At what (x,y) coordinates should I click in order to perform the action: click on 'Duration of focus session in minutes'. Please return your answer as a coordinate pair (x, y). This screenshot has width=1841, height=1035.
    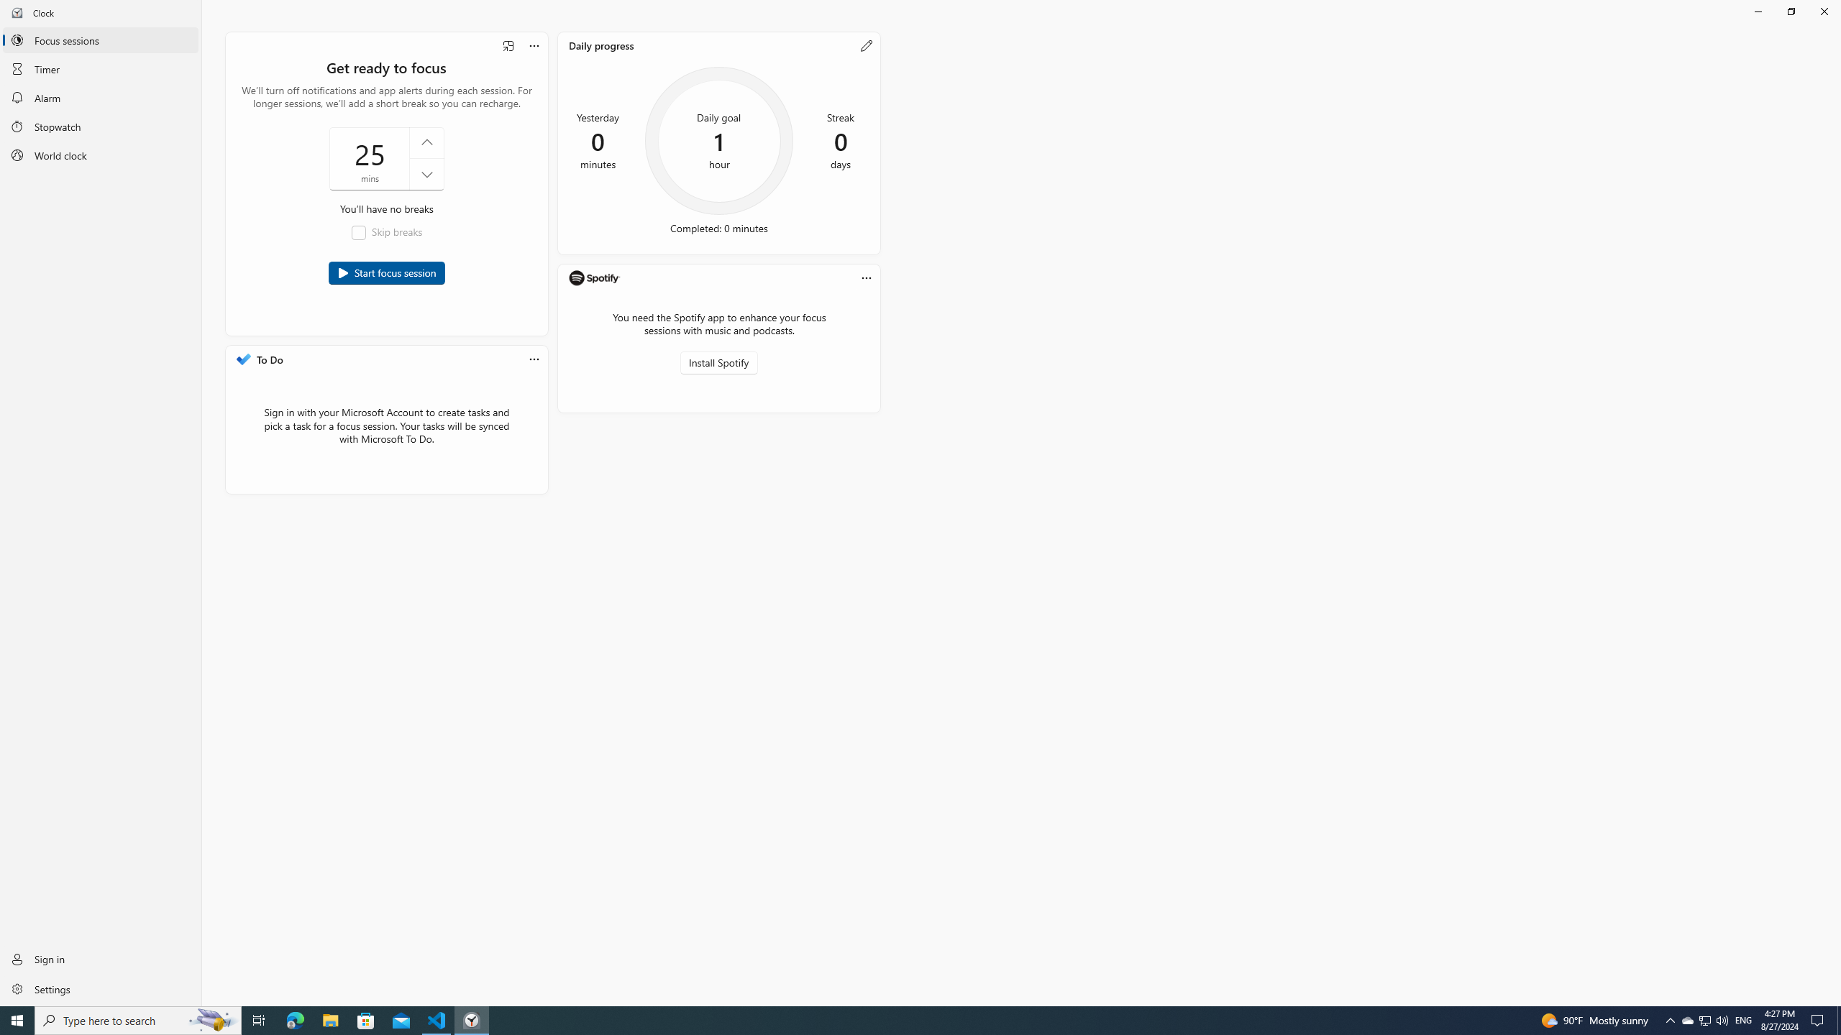
    Looking at the image, I should click on (386, 159).